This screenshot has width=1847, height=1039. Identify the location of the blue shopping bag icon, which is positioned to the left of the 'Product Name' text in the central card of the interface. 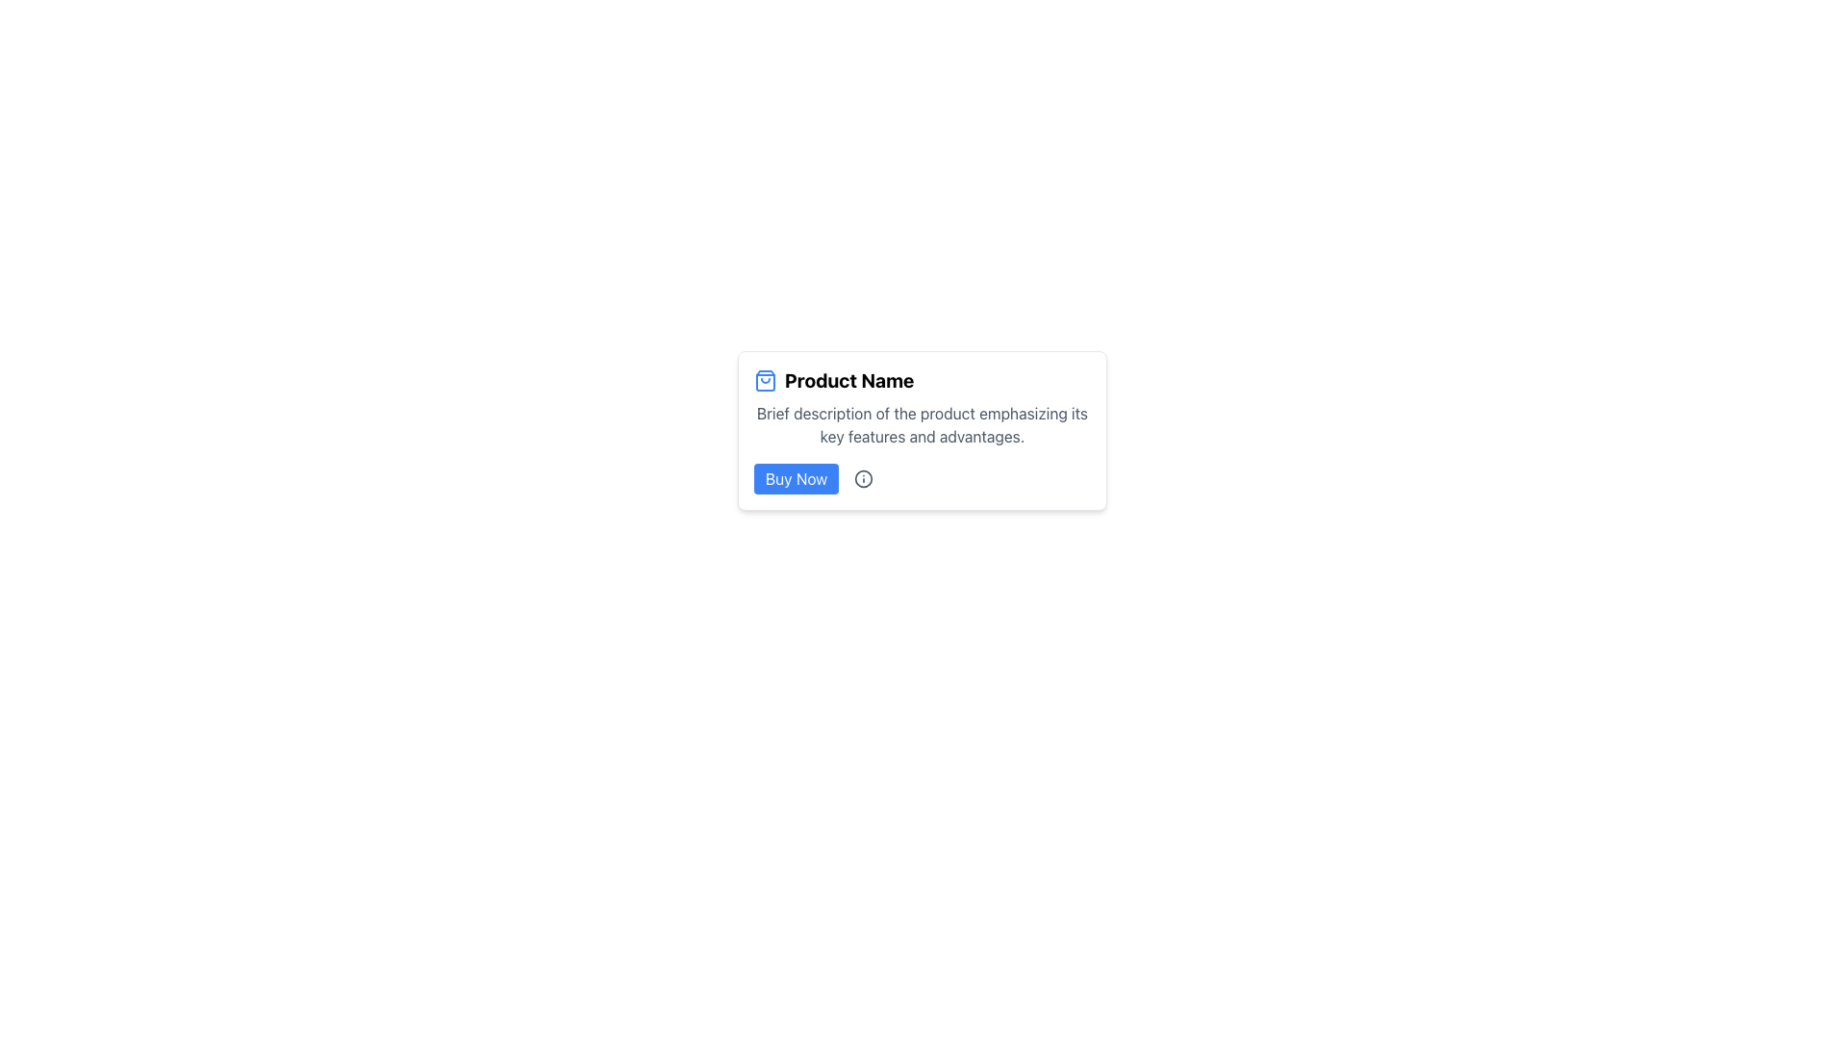
(765, 381).